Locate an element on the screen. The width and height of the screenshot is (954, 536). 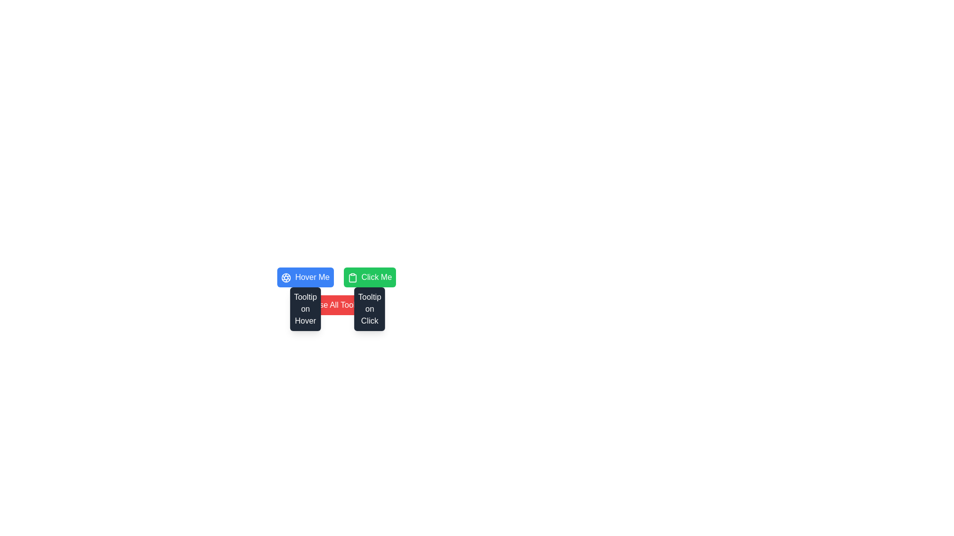
the circular icon resembling an aperture or camera shutter, located to the left of the text within the blue button labeled 'Hover Me' is located at coordinates (286, 277).